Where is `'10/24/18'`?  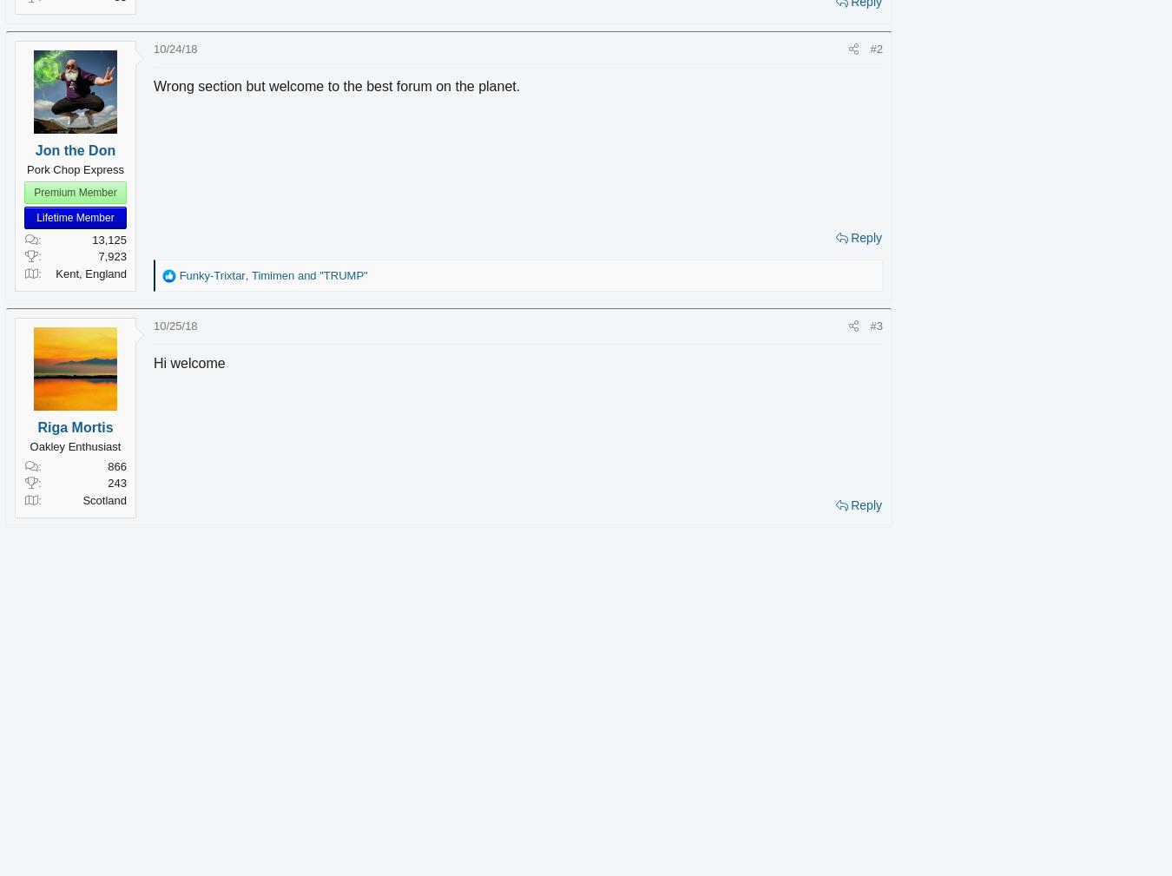
'10/24/18' is located at coordinates (199, 48).